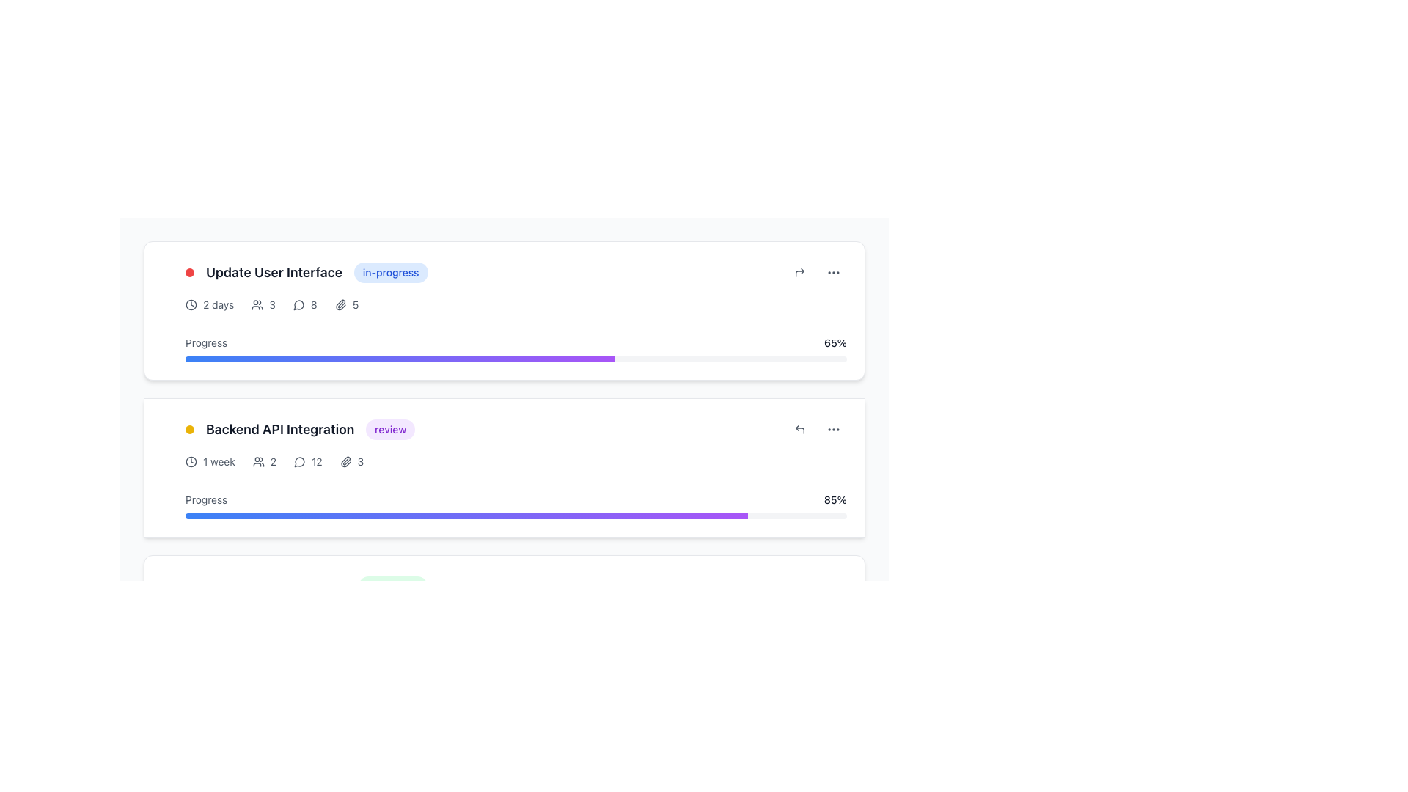  What do you see at coordinates (299, 429) in the screenshot?
I see `the group containing the yellow circular indicator, the bold label 'Backend API Integration', and the purple tag 'review'` at bounding box center [299, 429].